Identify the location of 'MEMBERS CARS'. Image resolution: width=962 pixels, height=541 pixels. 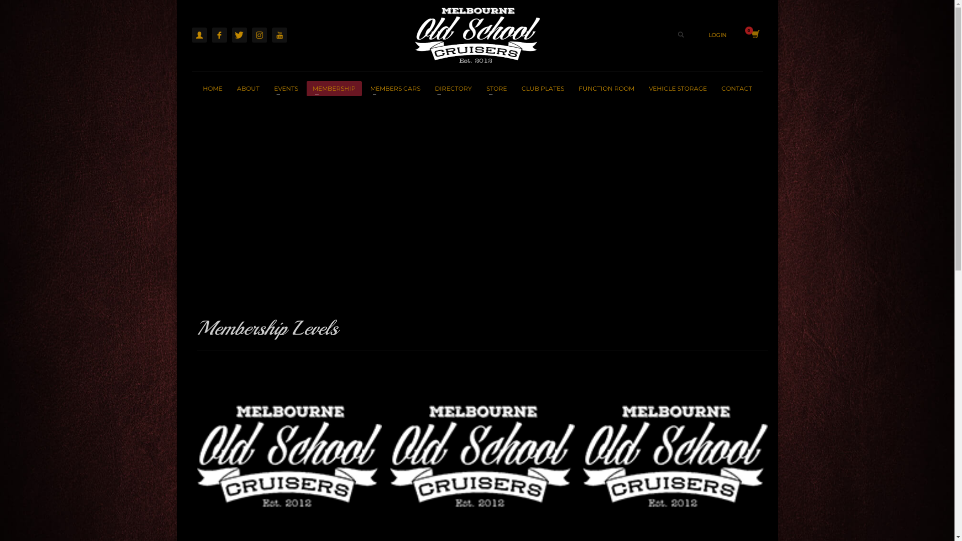
(394, 88).